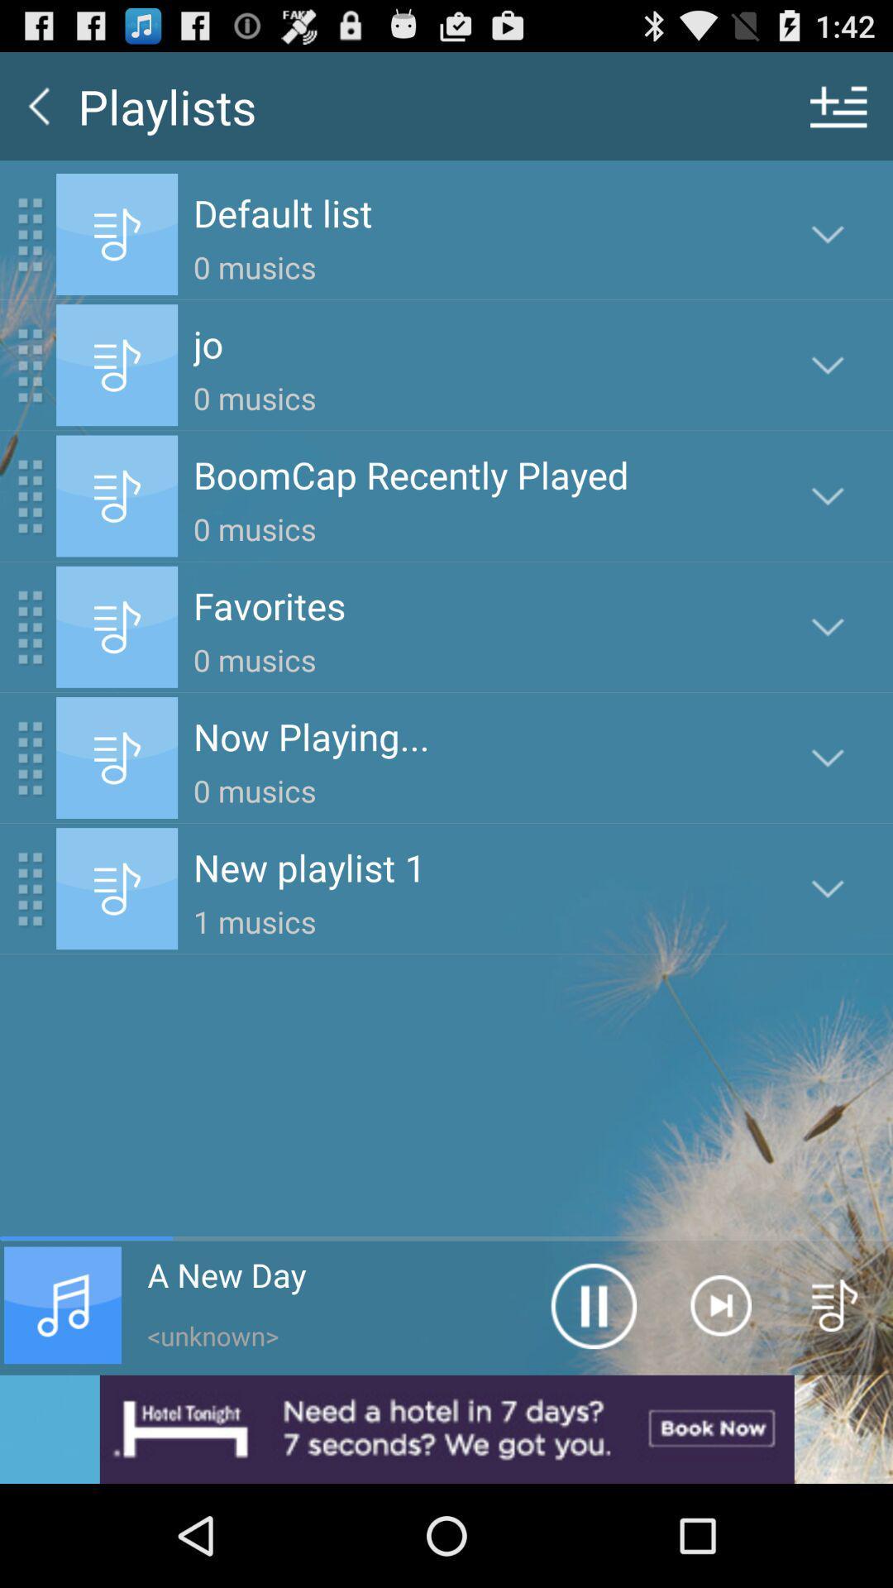  What do you see at coordinates (838, 112) in the screenshot?
I see `the sliders icon` at bounding box center [838, 112].